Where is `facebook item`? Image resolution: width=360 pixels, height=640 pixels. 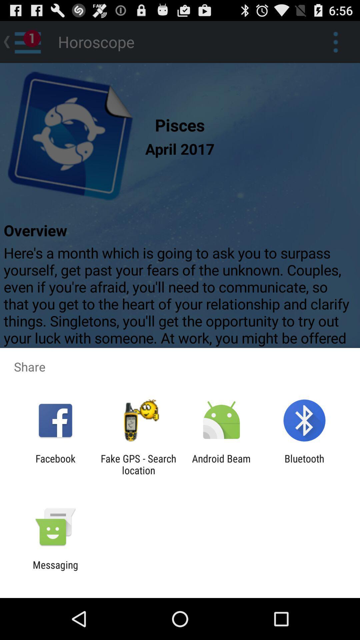
facebook item is located at coordinates (55, 464).